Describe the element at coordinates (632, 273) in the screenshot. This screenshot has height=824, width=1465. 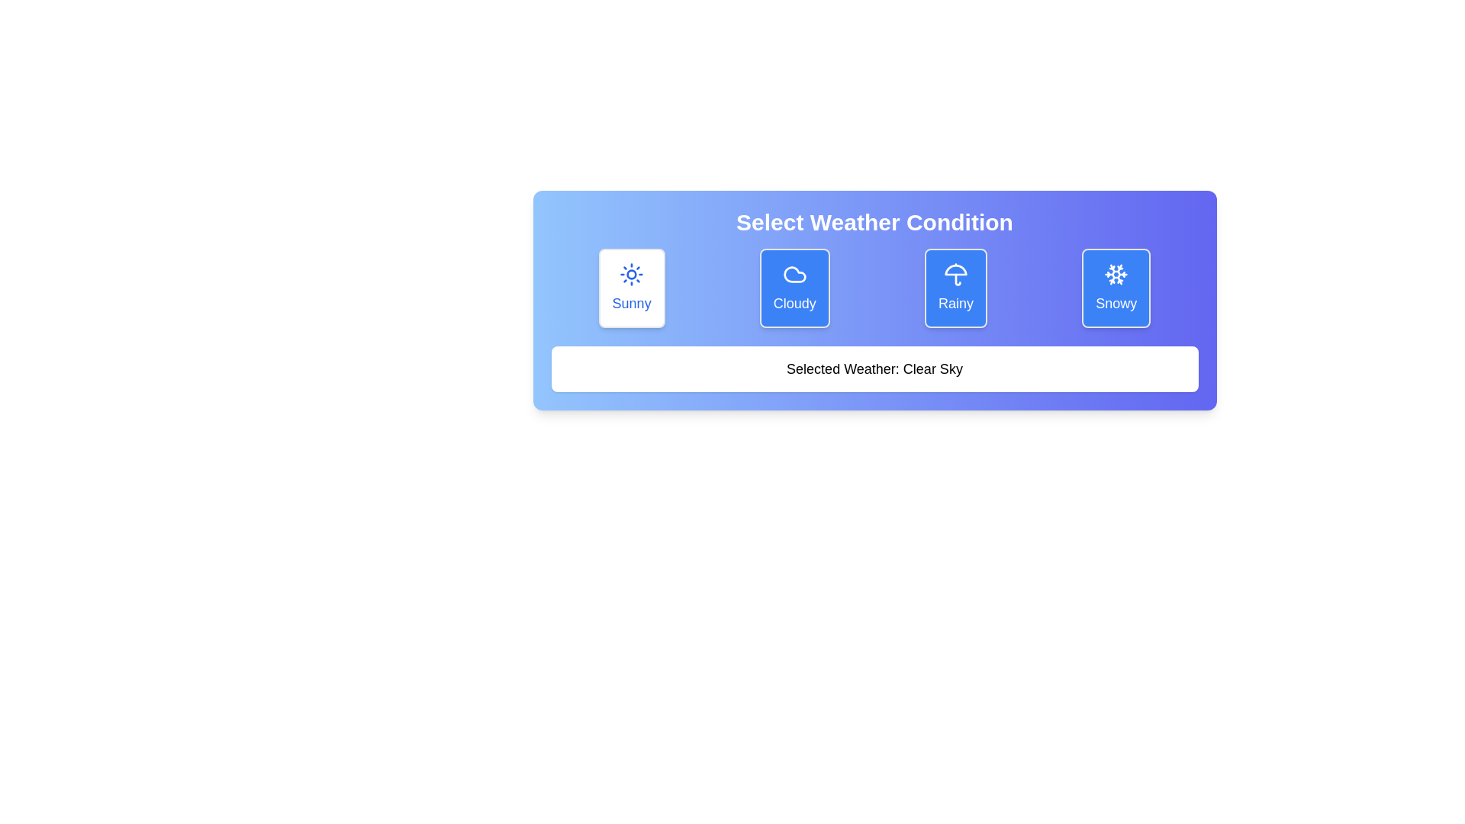
I see `the inner circle of the sunny weather icon, which is a decorative element representing the core of the sun` at that location.